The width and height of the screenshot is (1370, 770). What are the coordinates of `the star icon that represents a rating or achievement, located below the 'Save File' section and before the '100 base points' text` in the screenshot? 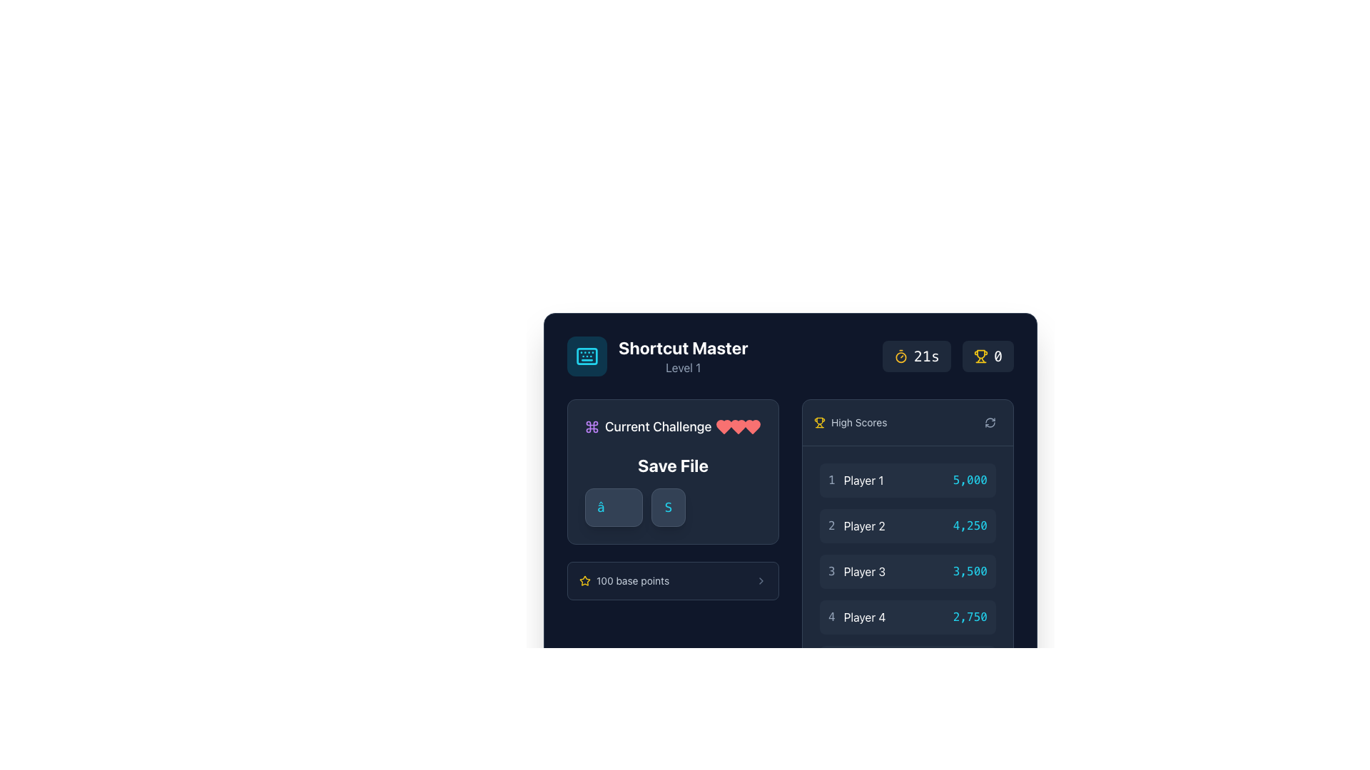 It's located at (585, 580).